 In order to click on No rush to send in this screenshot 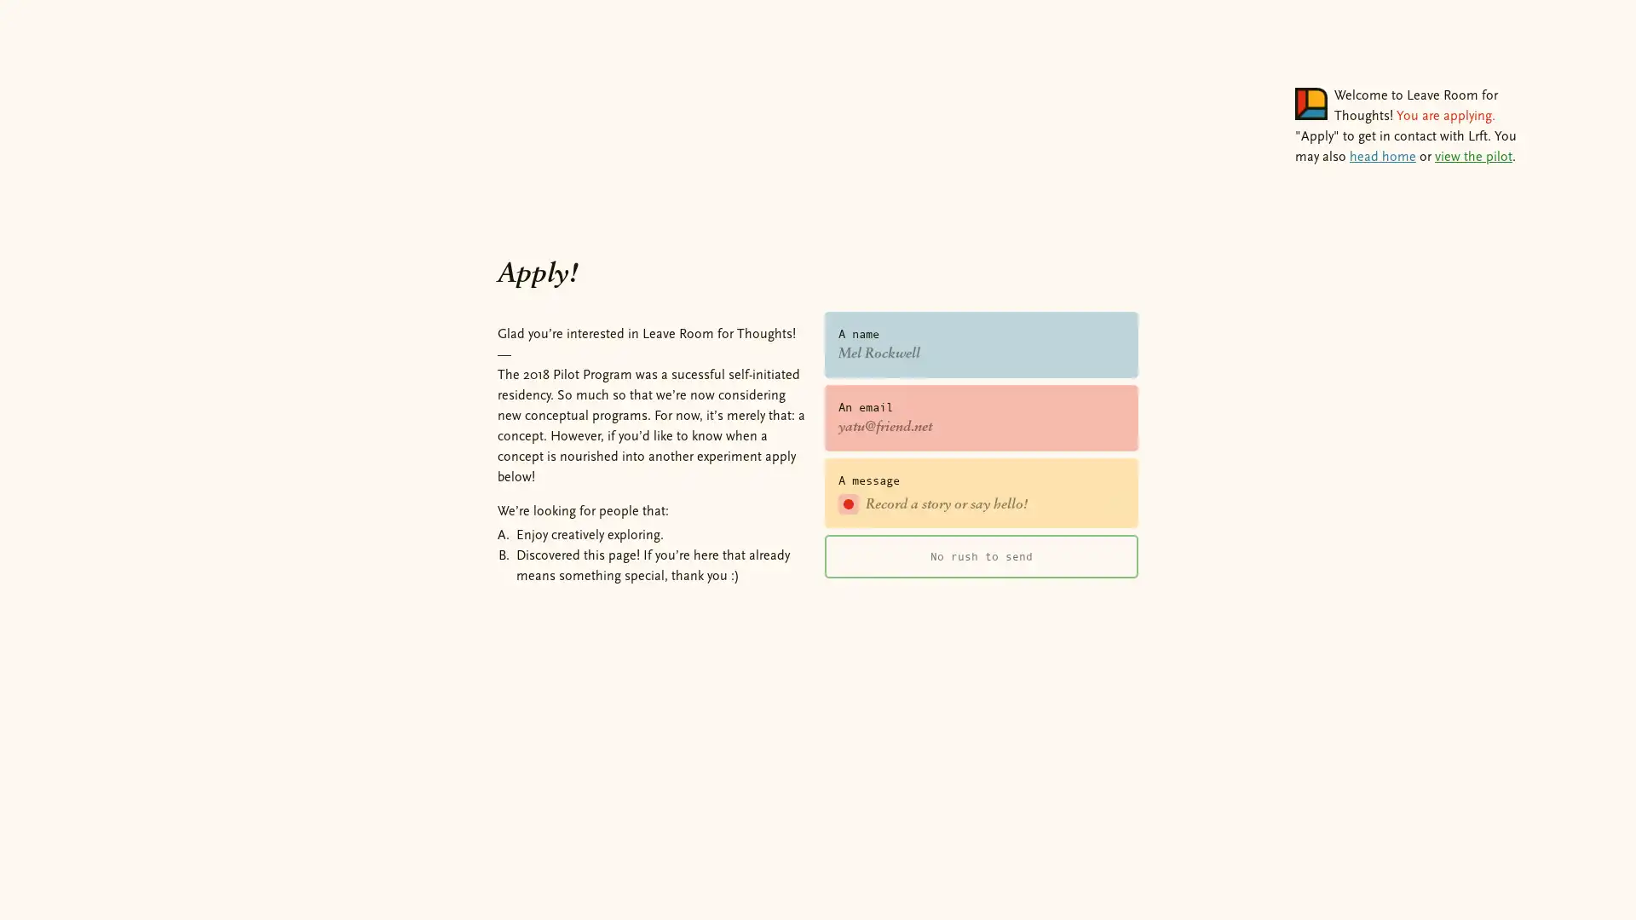, I will do `click(982, 555)`.